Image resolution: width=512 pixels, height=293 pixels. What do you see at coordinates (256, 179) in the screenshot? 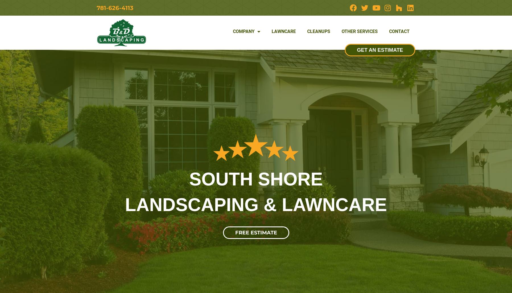
I see `'SOUTH SHORE'` at bounding box center [256, 179].